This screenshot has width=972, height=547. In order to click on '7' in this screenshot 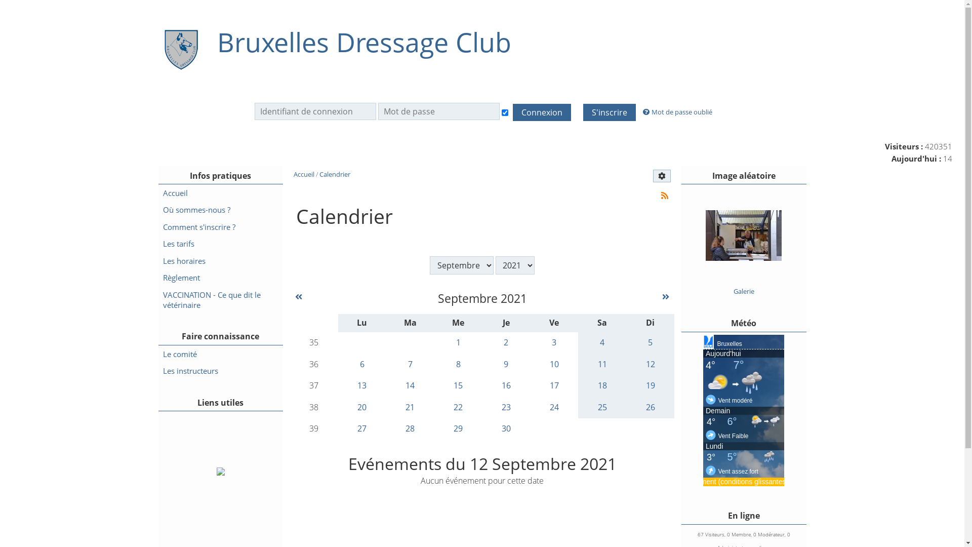, I will do `click(410, 364)`.